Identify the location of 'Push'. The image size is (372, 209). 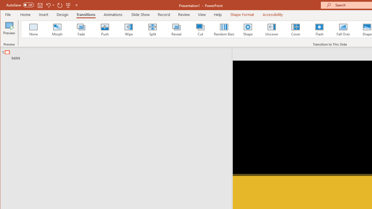
(105, 29).